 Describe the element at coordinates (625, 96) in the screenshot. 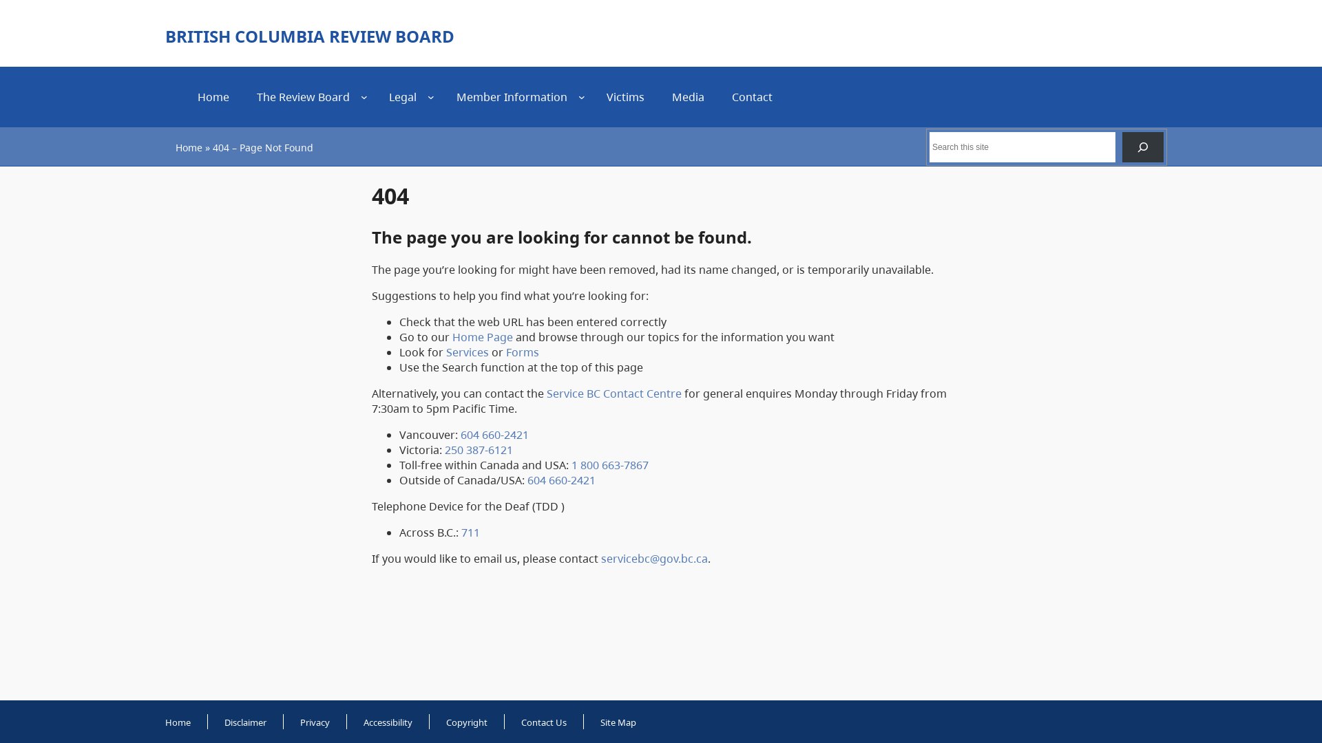

I see `'Victims'` at that location.